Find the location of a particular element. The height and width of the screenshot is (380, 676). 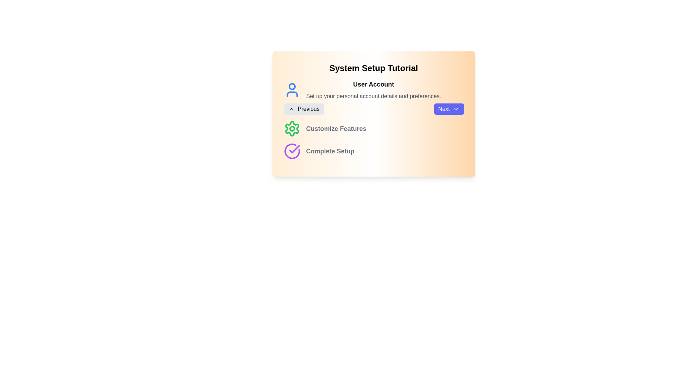

the button labeled Next is located at coordinates (449, 109).